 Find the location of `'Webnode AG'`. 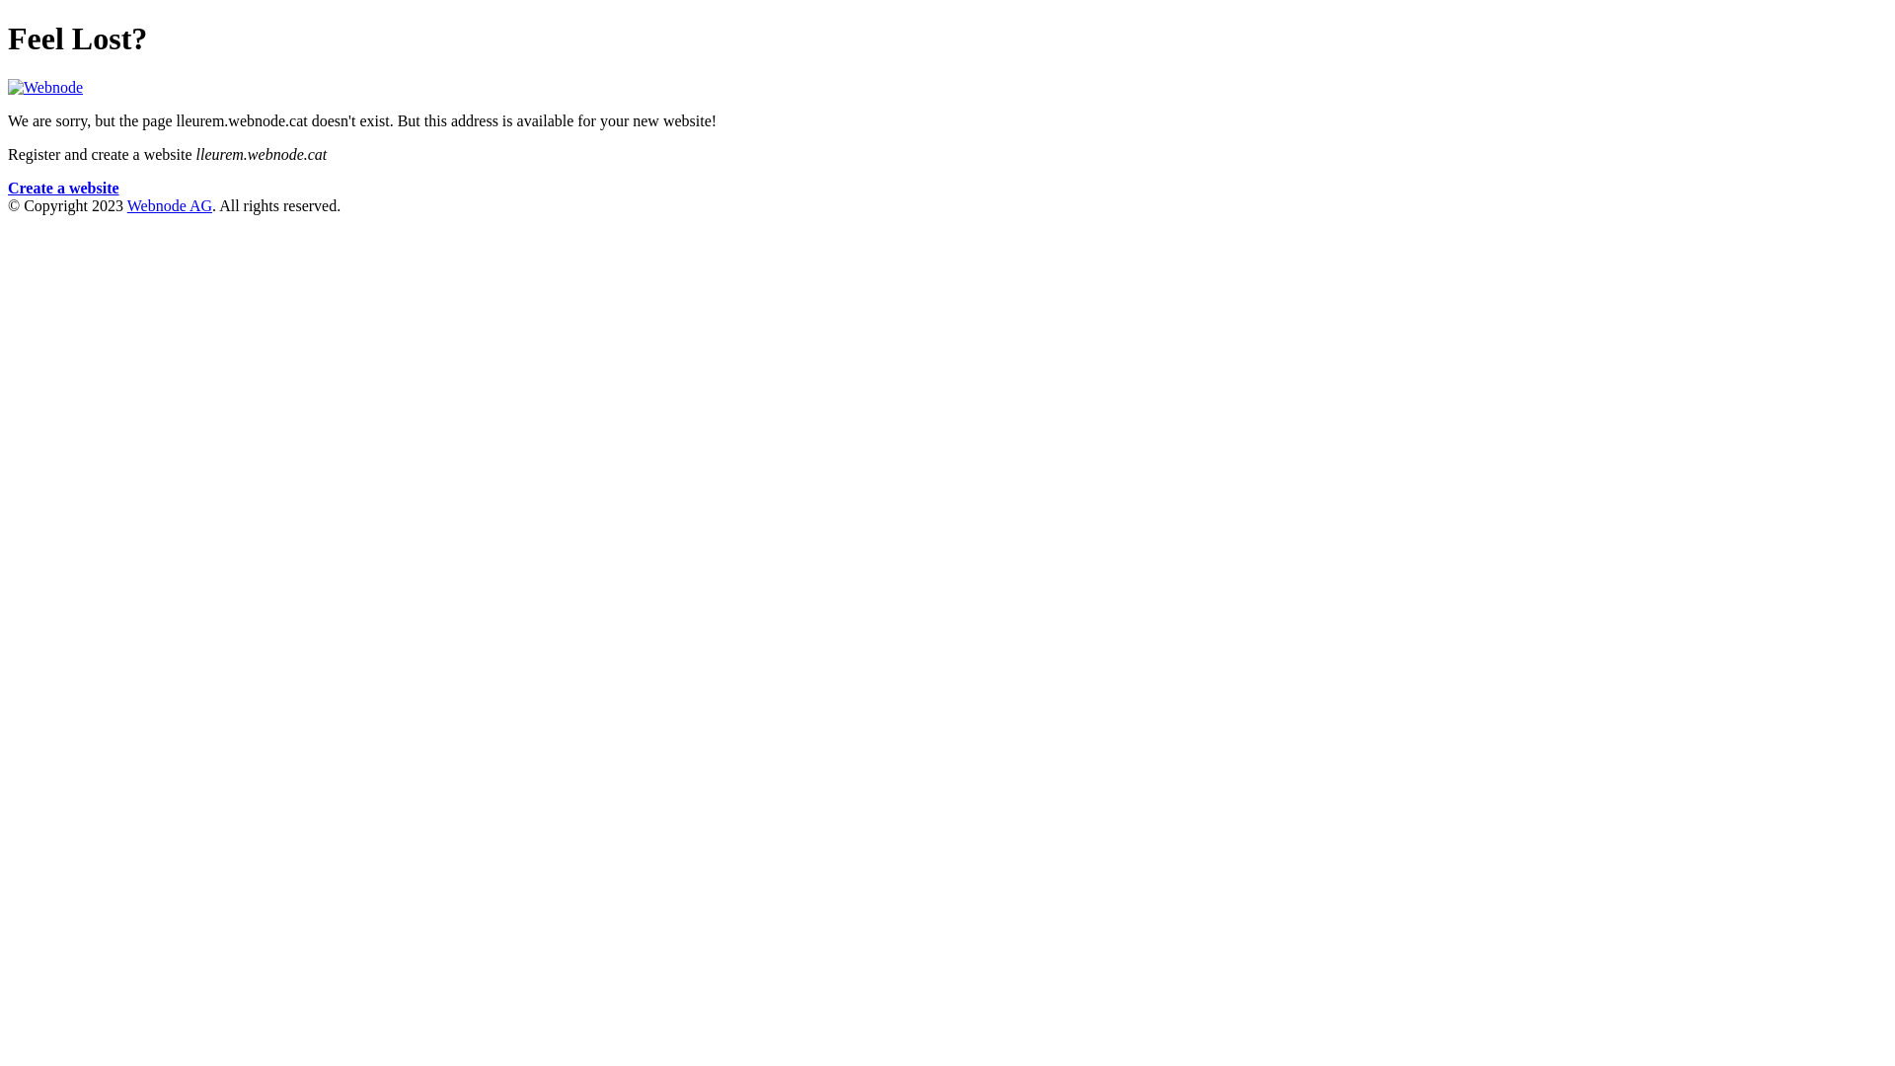

'Webnode AG' is located at coordinates (126, 205).